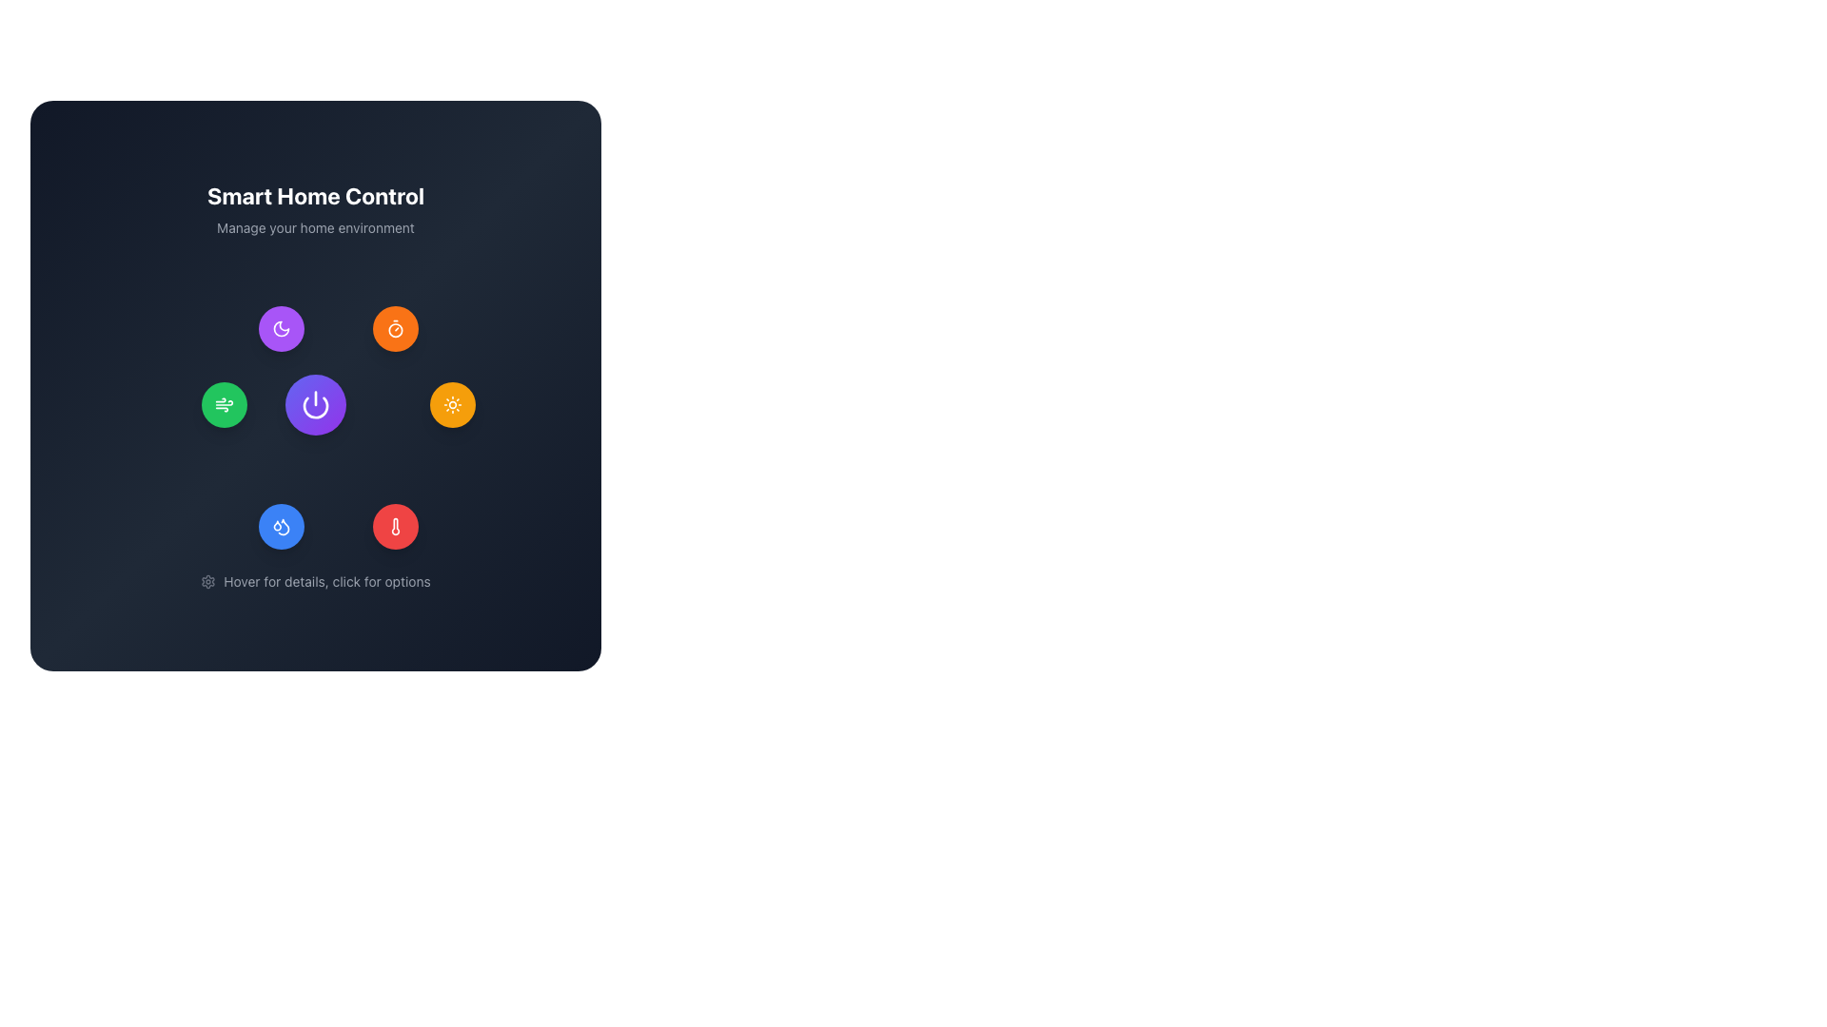  I want to click on the air or wind control icon located at the top-left corner of the circular arrangement, which is within a circular green background, so click(224, 403).